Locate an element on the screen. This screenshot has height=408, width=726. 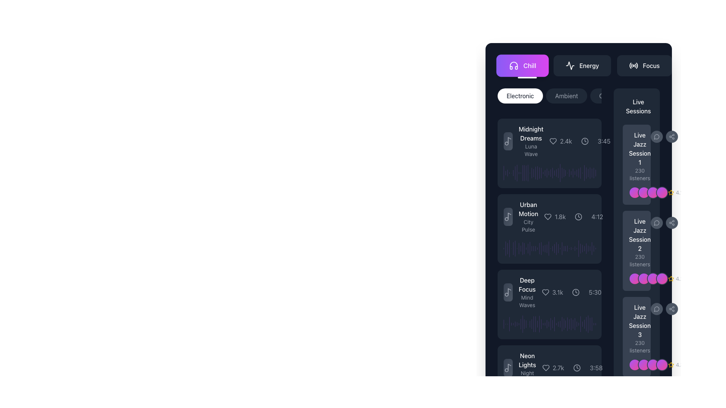
the text label located in the upper right section of the interface, which indicates the content related to live sessions is located at coordinates (638, 106).